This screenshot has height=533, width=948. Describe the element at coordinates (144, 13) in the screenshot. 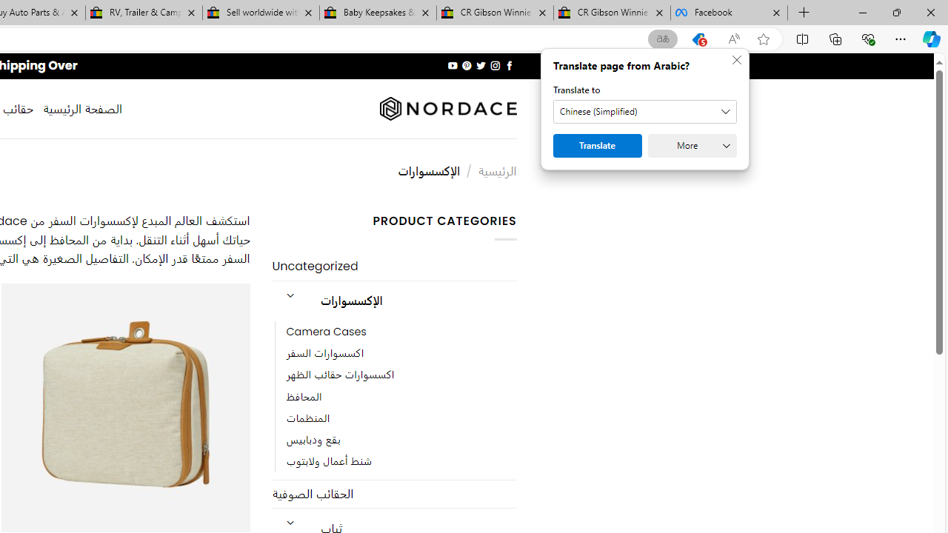

I see `'RV, Trailer & Camper Steps & Ladders for sale | eBay'` at that location.